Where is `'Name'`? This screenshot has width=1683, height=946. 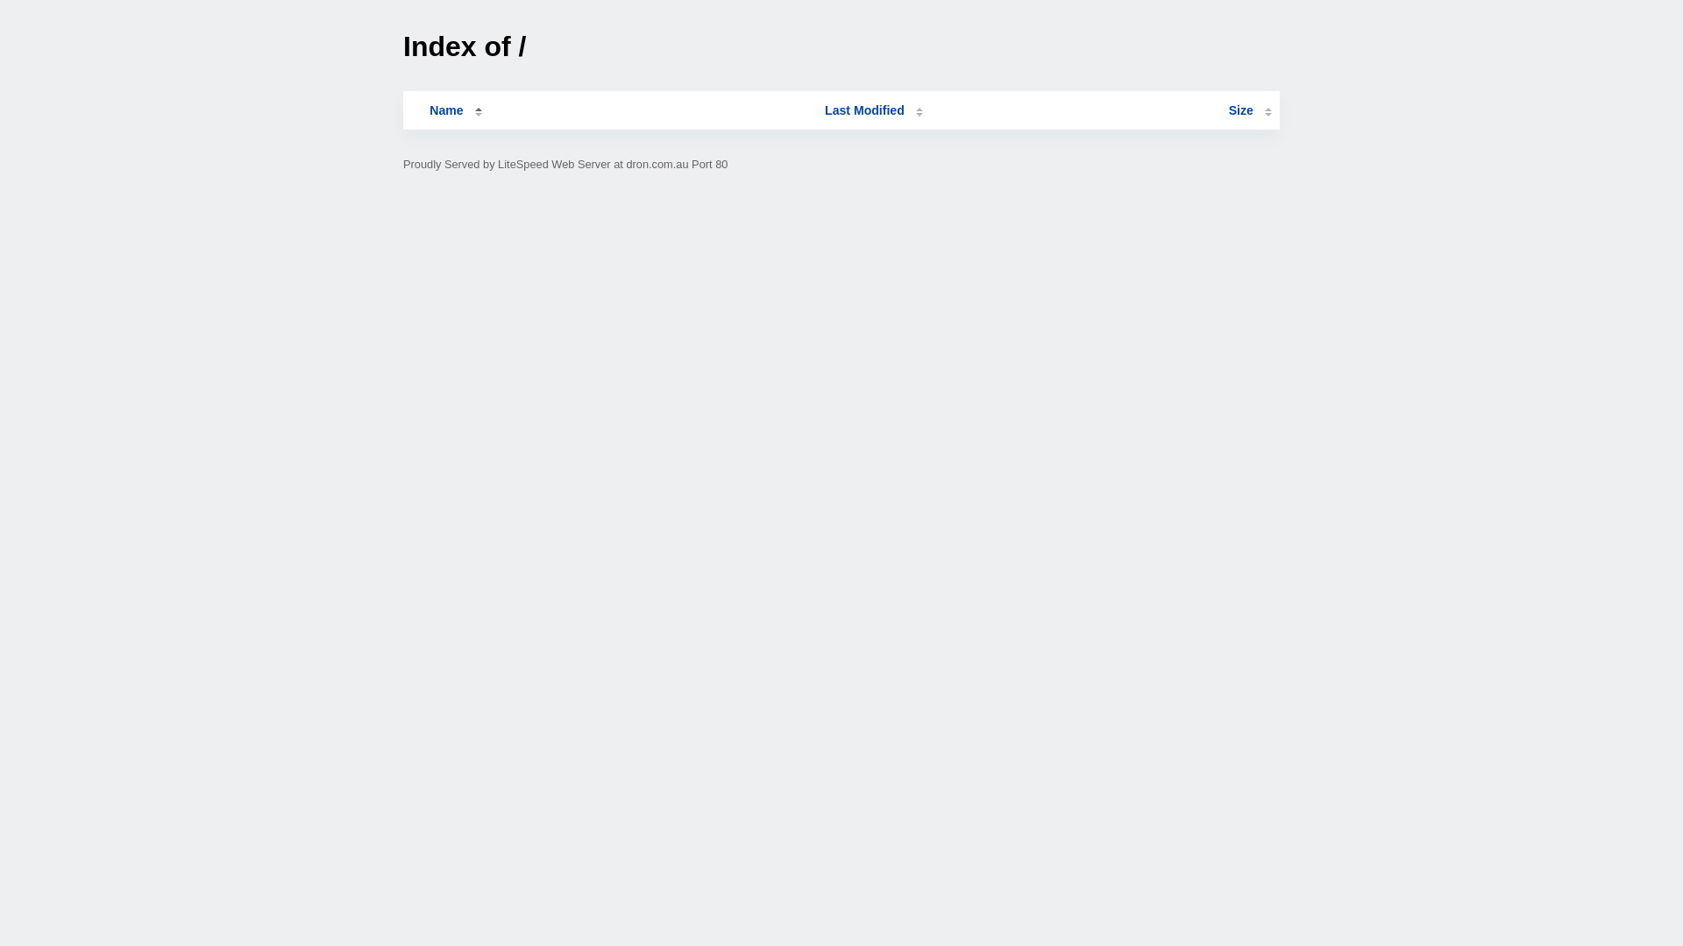 'Name' is located at coordinates (445, 110).